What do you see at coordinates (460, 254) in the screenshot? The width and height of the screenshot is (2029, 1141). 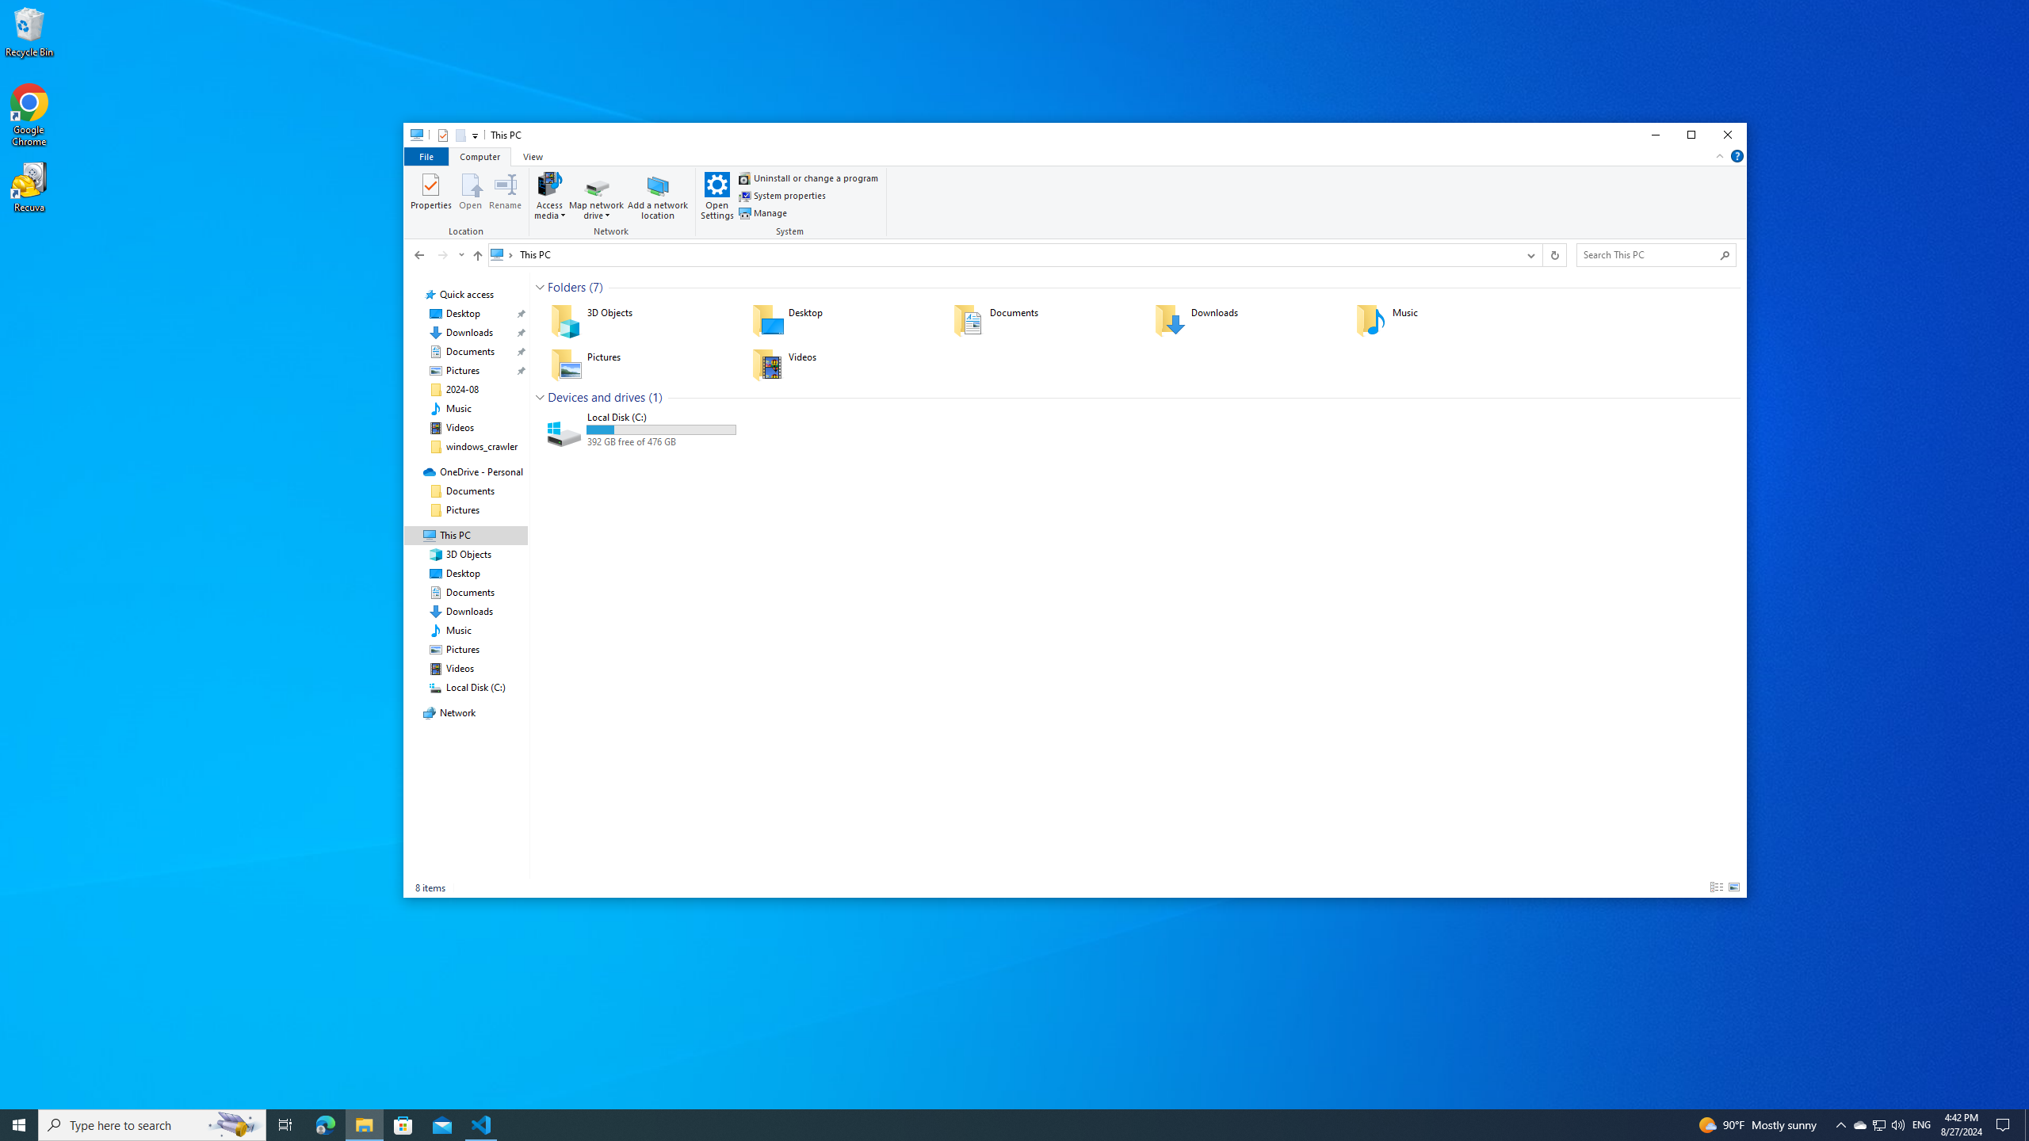 I see `'Recent locations'` at bounding box center [460, 254].